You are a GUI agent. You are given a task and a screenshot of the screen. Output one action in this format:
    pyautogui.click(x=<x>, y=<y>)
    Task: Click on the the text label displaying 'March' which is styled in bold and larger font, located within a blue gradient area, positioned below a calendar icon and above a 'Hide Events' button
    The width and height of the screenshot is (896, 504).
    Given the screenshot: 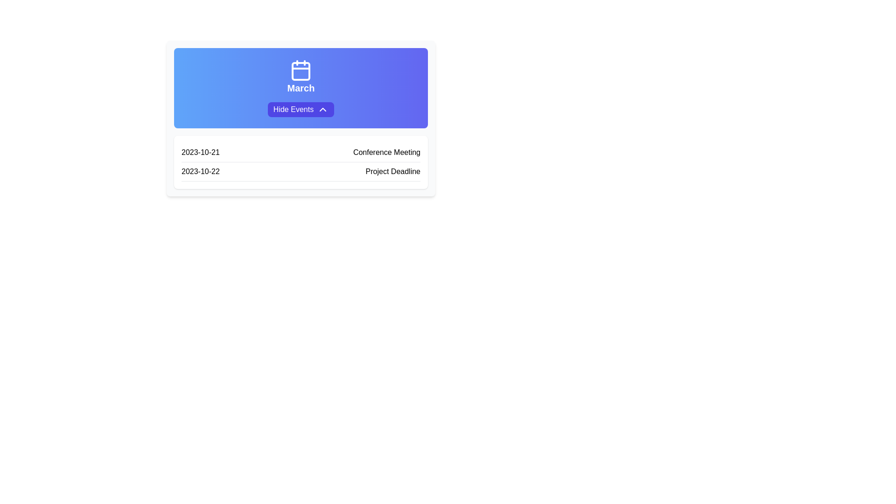 What is the action you would take?
    pyautogui.click(x=301, y=88)
    